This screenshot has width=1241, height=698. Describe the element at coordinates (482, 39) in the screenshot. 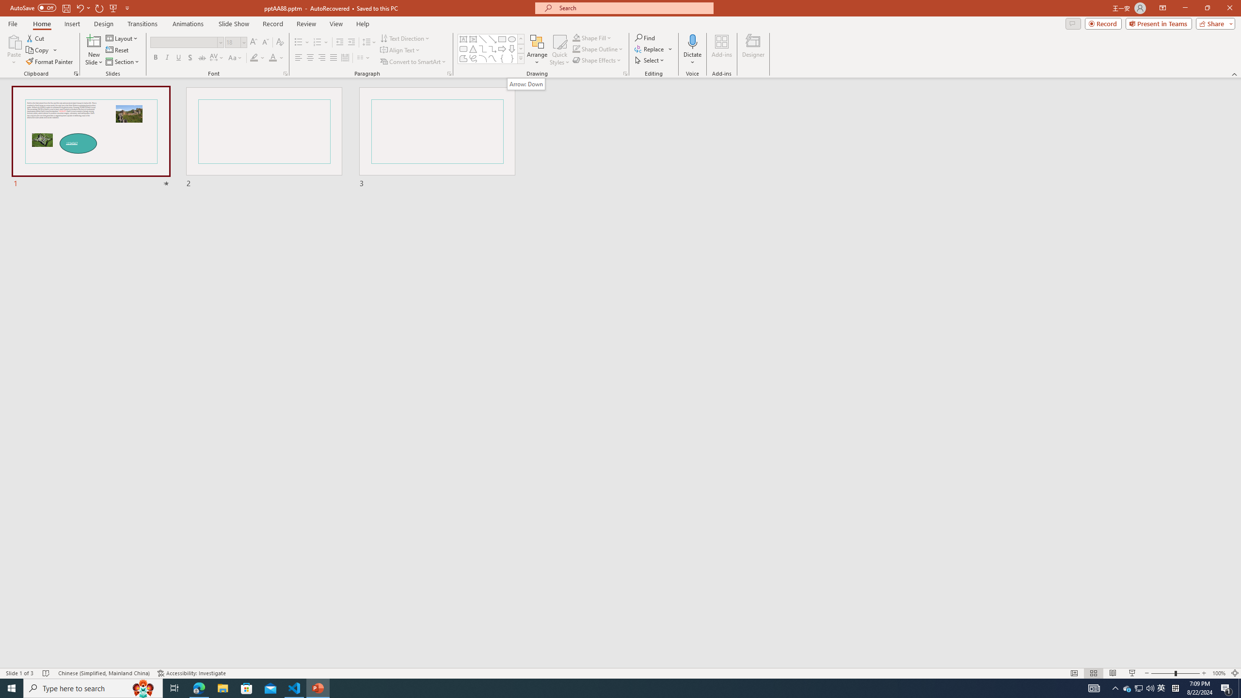

I see `'Line'` at that location.